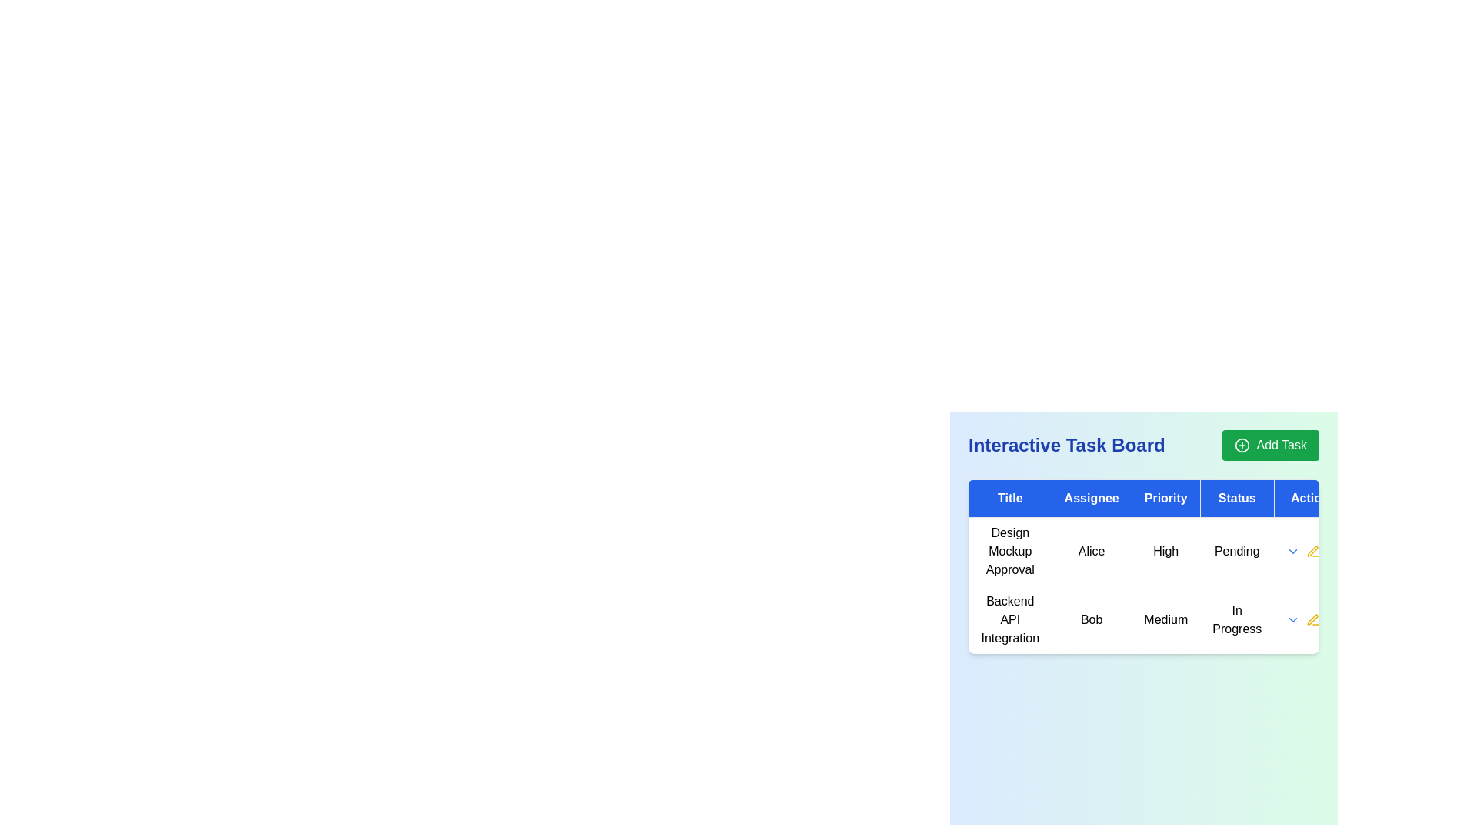  Describe the element at coordinates (1312, 499) in the screenshot. I see `the 'Actions' table header, which is a text label with a blue background and white text, located at the rightmost part of the header row` at that location.